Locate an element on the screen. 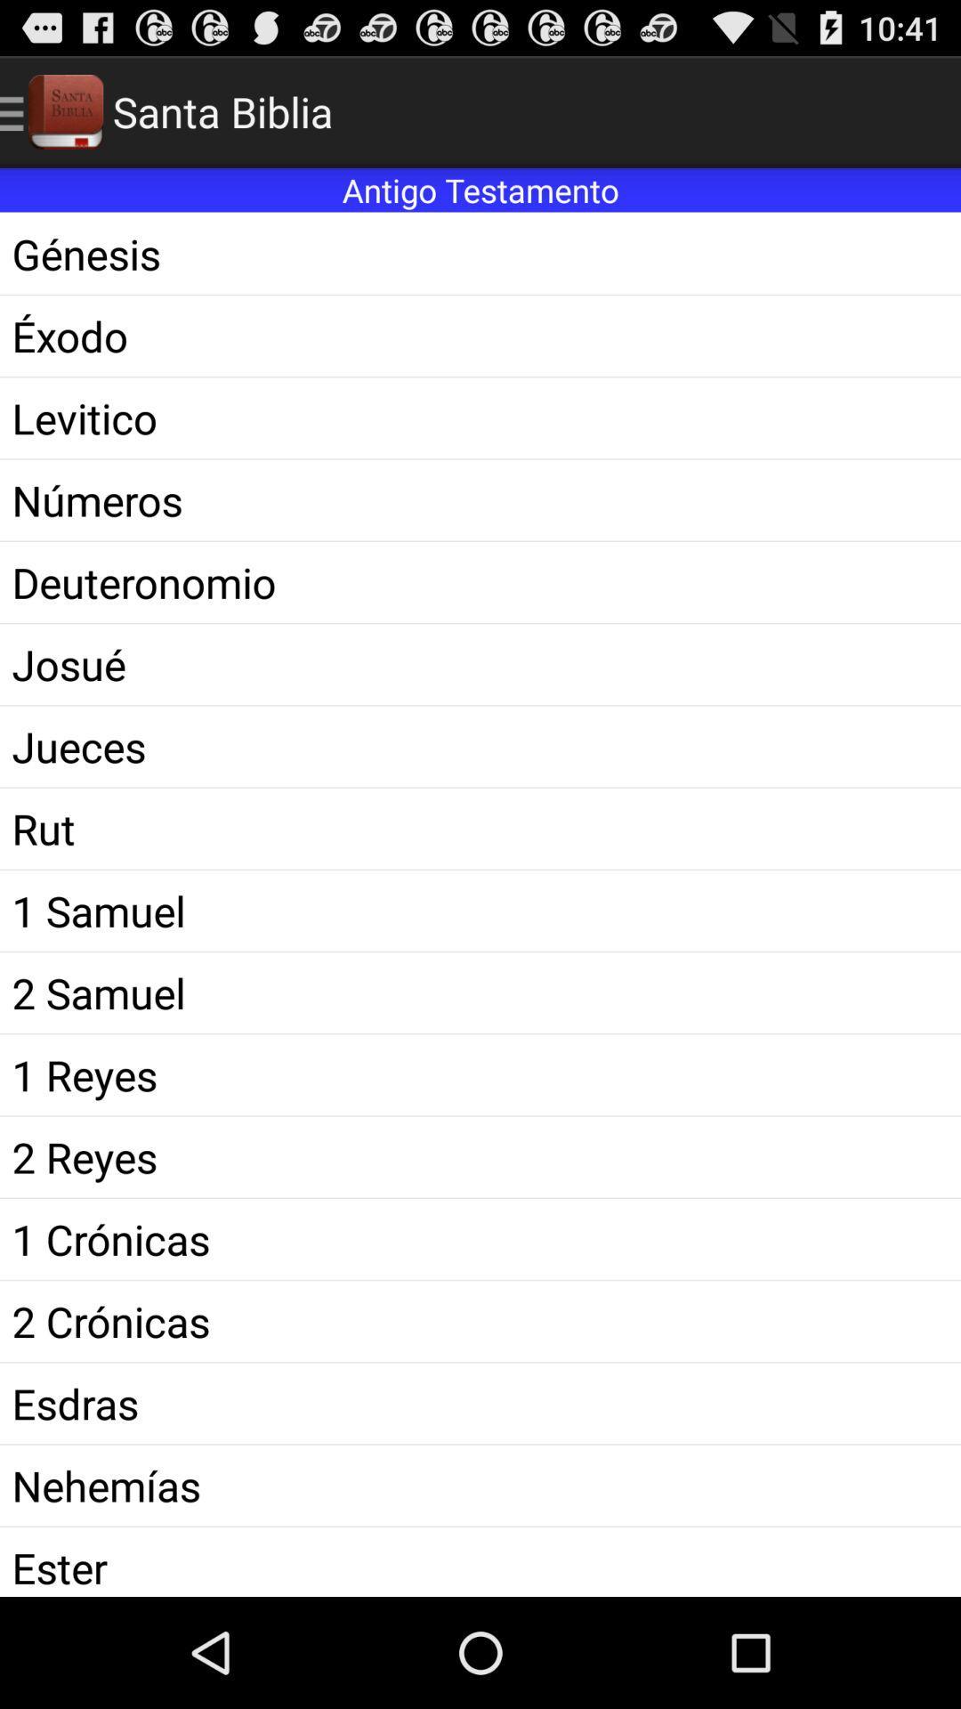 The height and width of the screenshot is (1709, 961). app above 2 samuel item is located at coordinates (480, 911).